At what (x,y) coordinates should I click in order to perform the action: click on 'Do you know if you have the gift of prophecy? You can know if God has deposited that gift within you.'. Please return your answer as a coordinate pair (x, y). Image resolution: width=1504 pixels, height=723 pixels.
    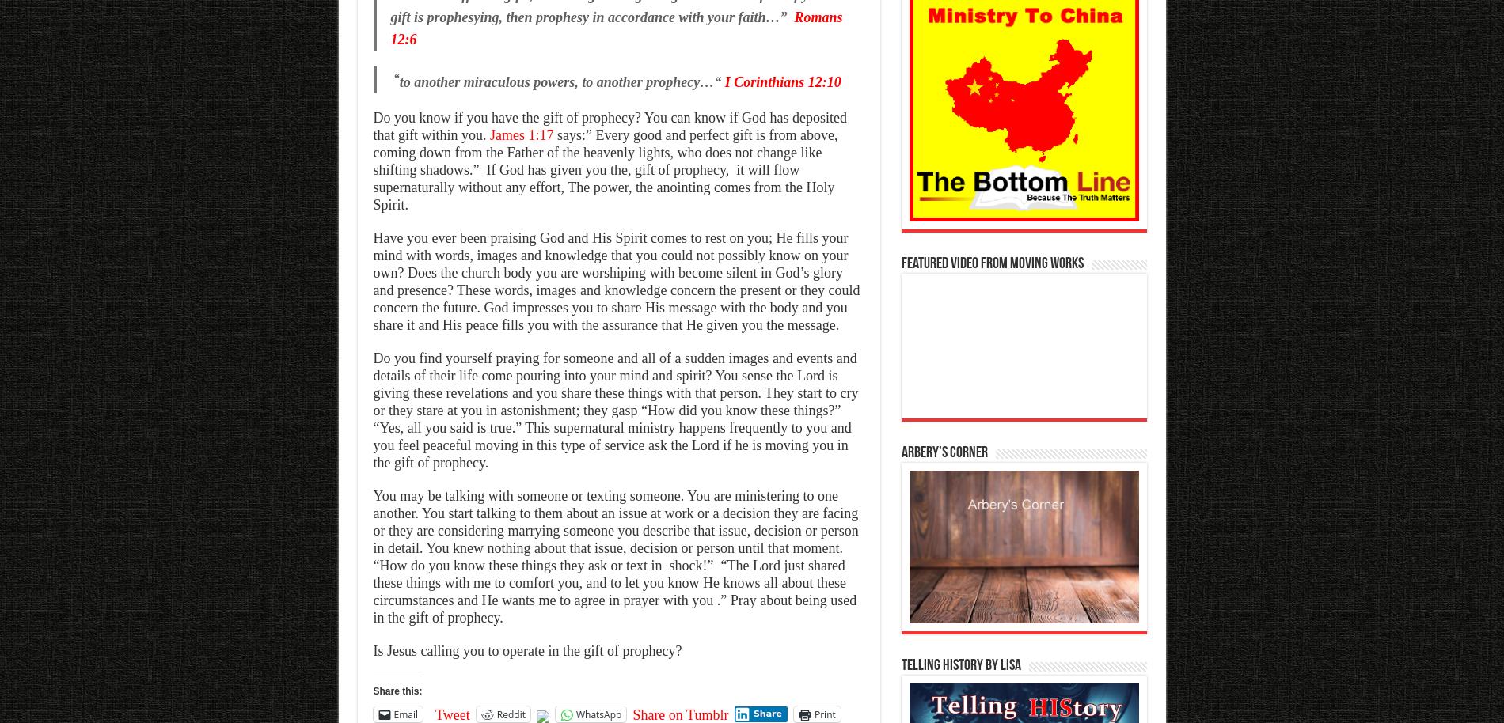
    Looking at the image, I should click on (609, 125).